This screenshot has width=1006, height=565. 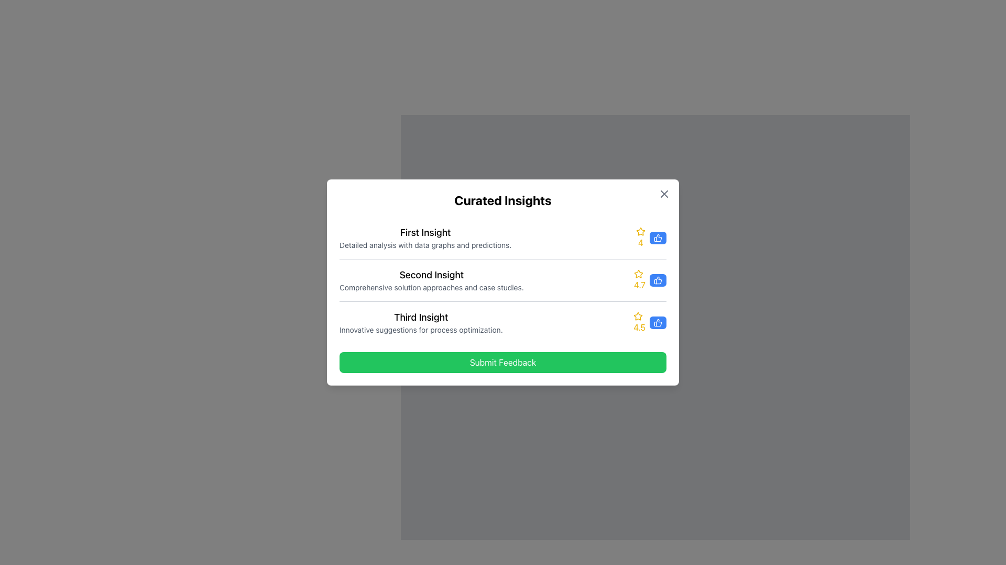 I want to click on average user rating value displayed as a numerical value, located in the third row of a list within a central dialog box, positioned to the left of a yellow star icon and to the right of a like button, so click(x=639, y=322).